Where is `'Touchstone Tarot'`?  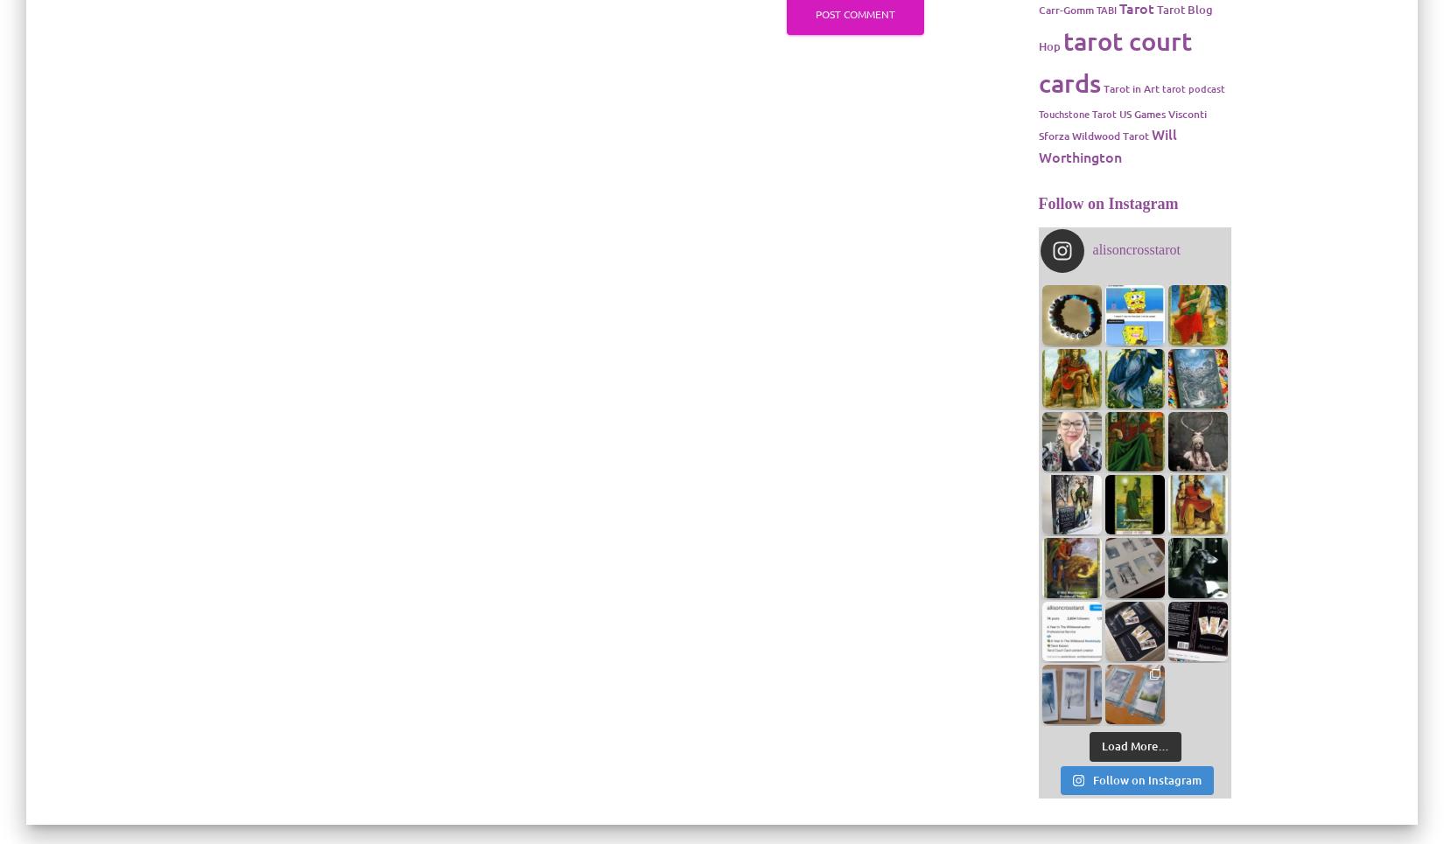 'Touchstone Tarot' is located at coordinates (1076, 114).